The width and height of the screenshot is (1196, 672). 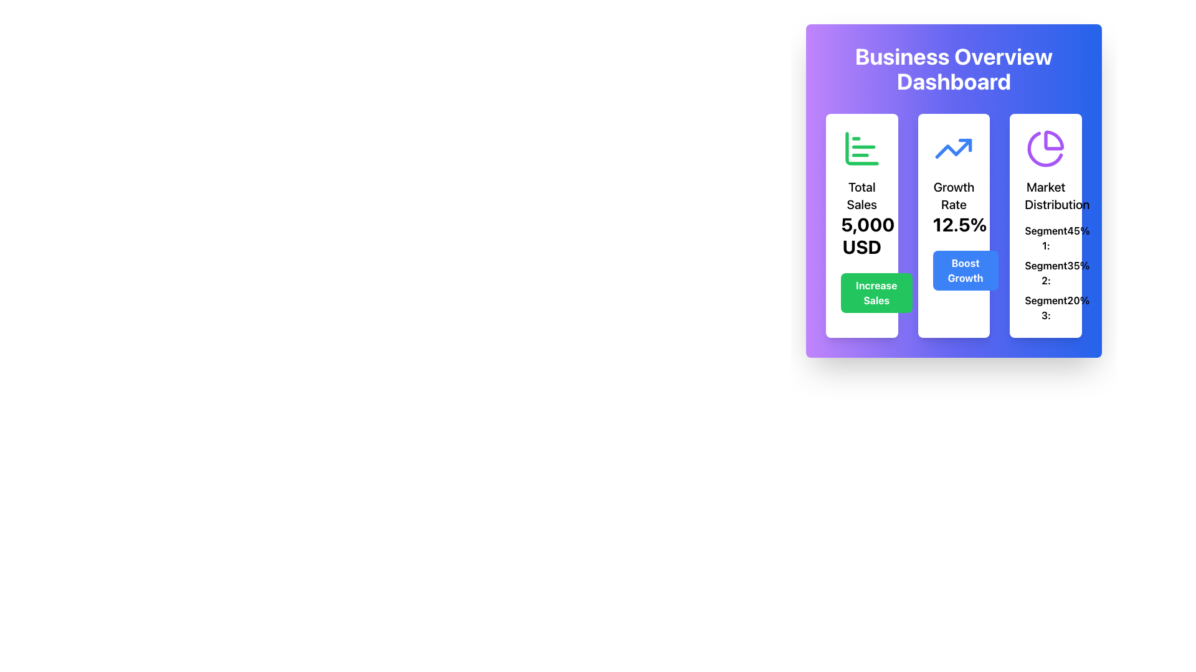 I want to click on the decorative icon representing market distribution, located at the top of the third column above the text 'Market Distribution', so click(x=1046, y=148).